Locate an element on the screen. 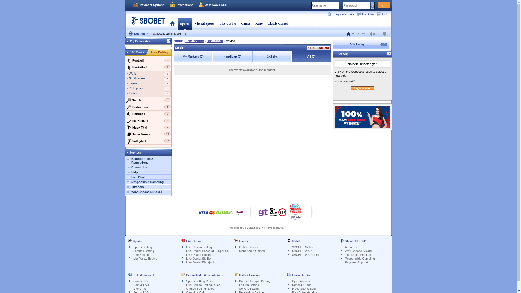 Image resolution: width=521 pixels, height=293 pixels. 'SBOBET WAP Demo' is located at coordinates (306, 254).